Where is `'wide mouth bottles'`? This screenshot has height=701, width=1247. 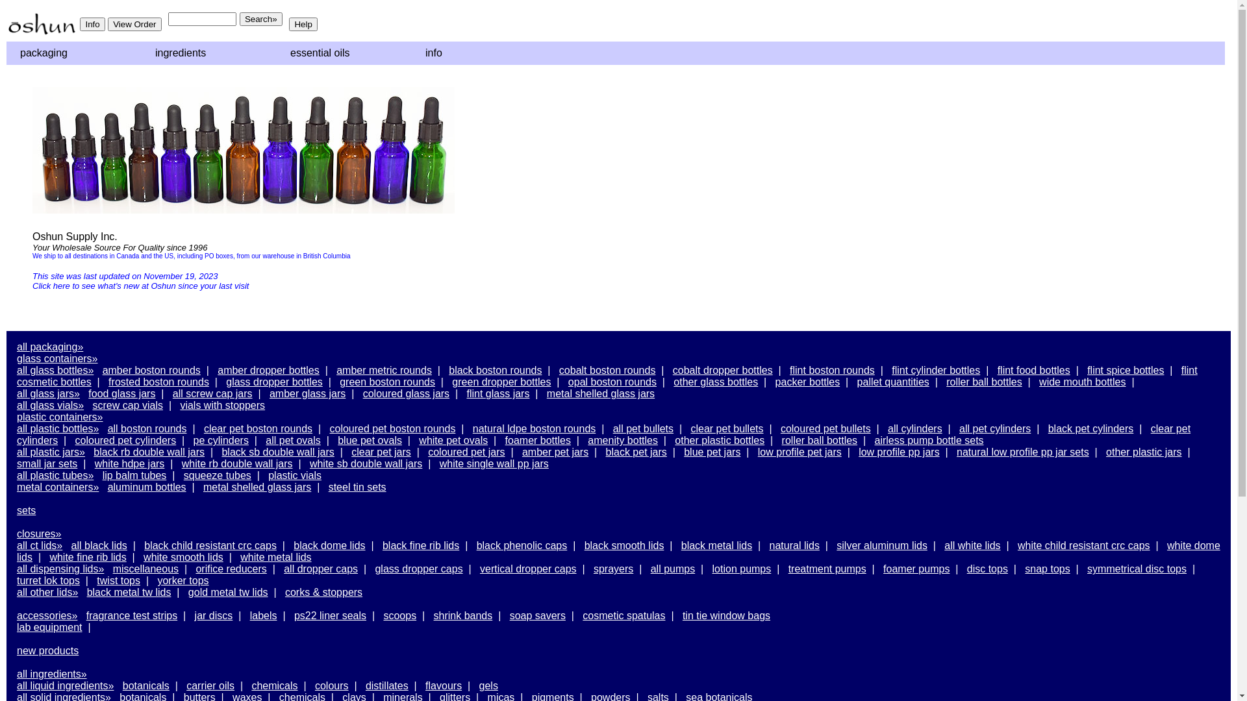 'wide mouth bottles' is located at coordinates (1038, 381).